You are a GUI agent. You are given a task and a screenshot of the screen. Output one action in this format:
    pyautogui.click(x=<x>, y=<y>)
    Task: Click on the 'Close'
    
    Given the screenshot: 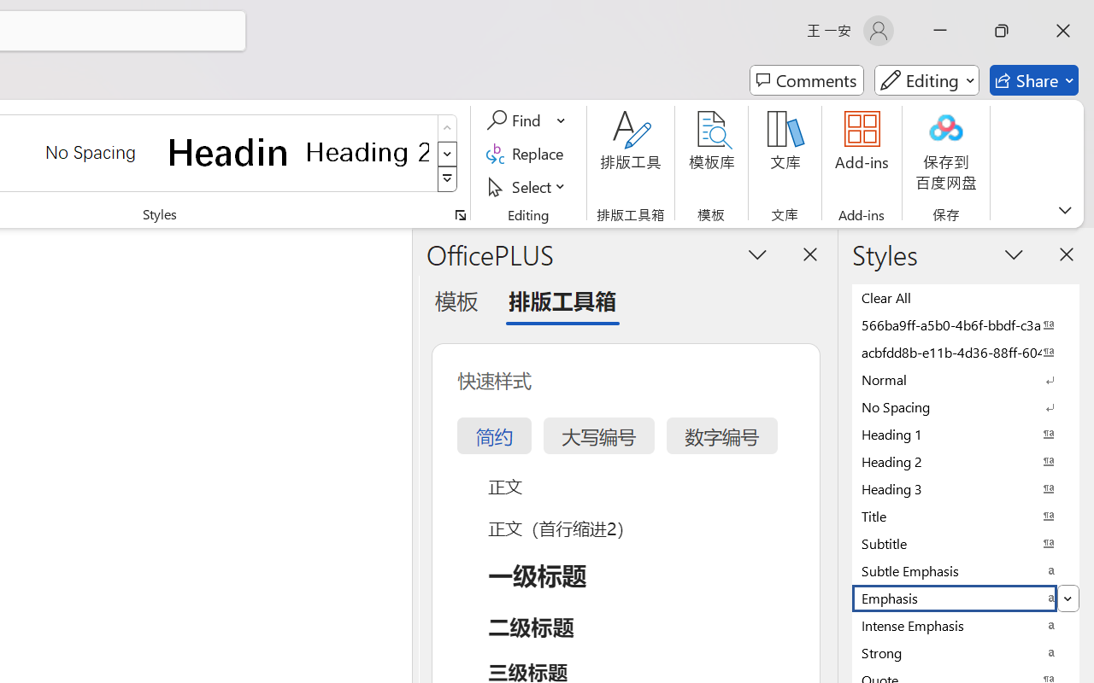 What is the action you would take?
    pyautogui.click(x=1062, y=30)
    